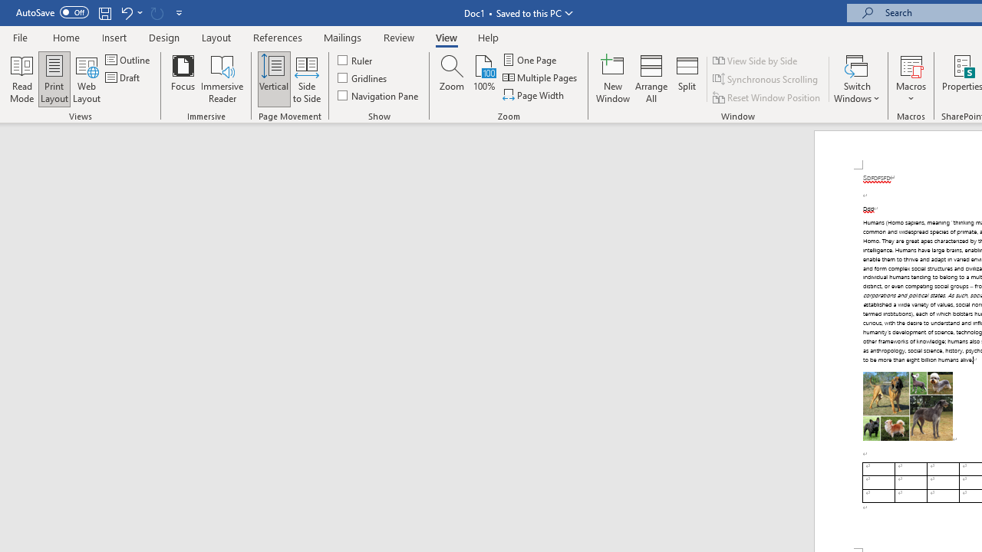  I want to click on 'Zoom...', so click(451, 79).